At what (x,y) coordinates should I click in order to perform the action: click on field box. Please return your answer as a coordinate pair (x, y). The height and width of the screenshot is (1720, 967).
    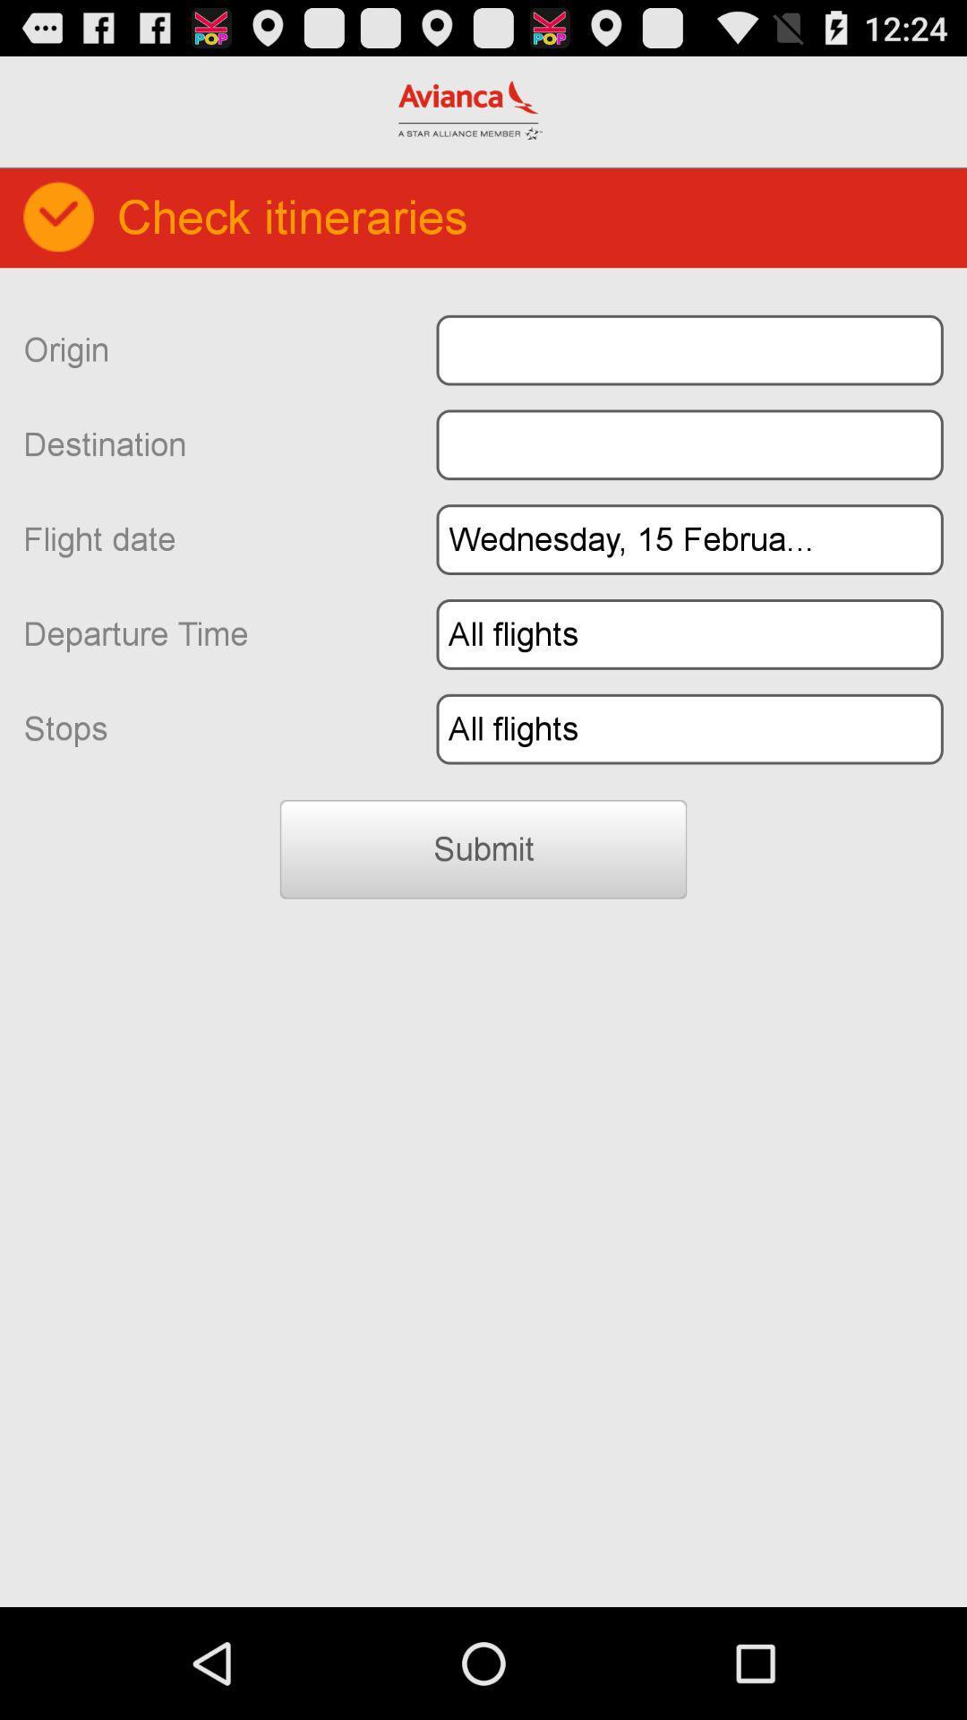
    Looking at the image, I should click on (689, 350).